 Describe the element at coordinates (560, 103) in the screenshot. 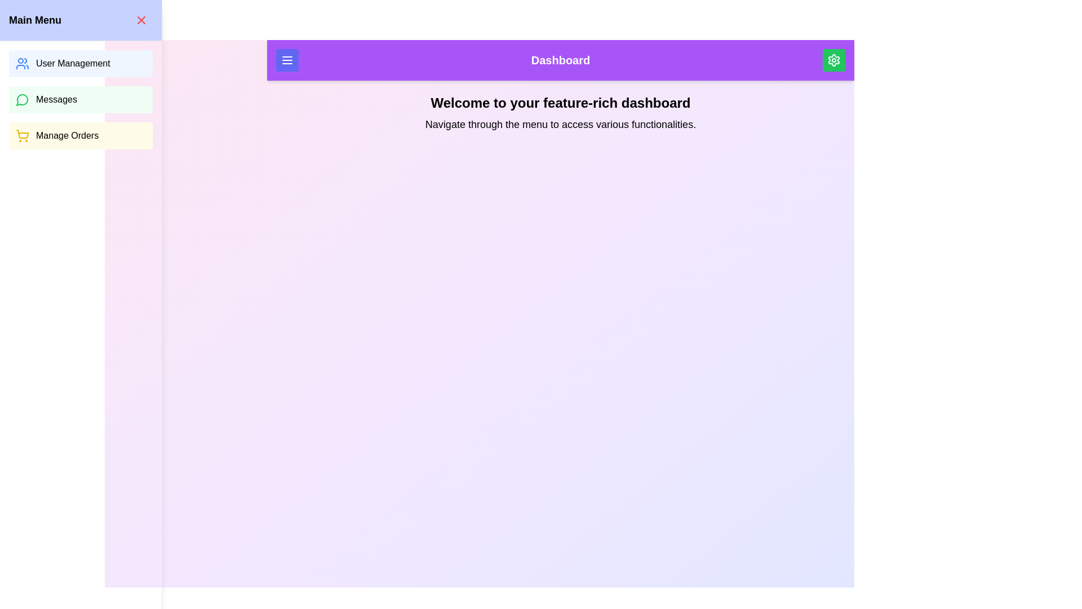

I see `the text element displaying 'Welcome to your feature-rich dashboard', which is a bold header located below the purple 'Dashboard' header` at that location.